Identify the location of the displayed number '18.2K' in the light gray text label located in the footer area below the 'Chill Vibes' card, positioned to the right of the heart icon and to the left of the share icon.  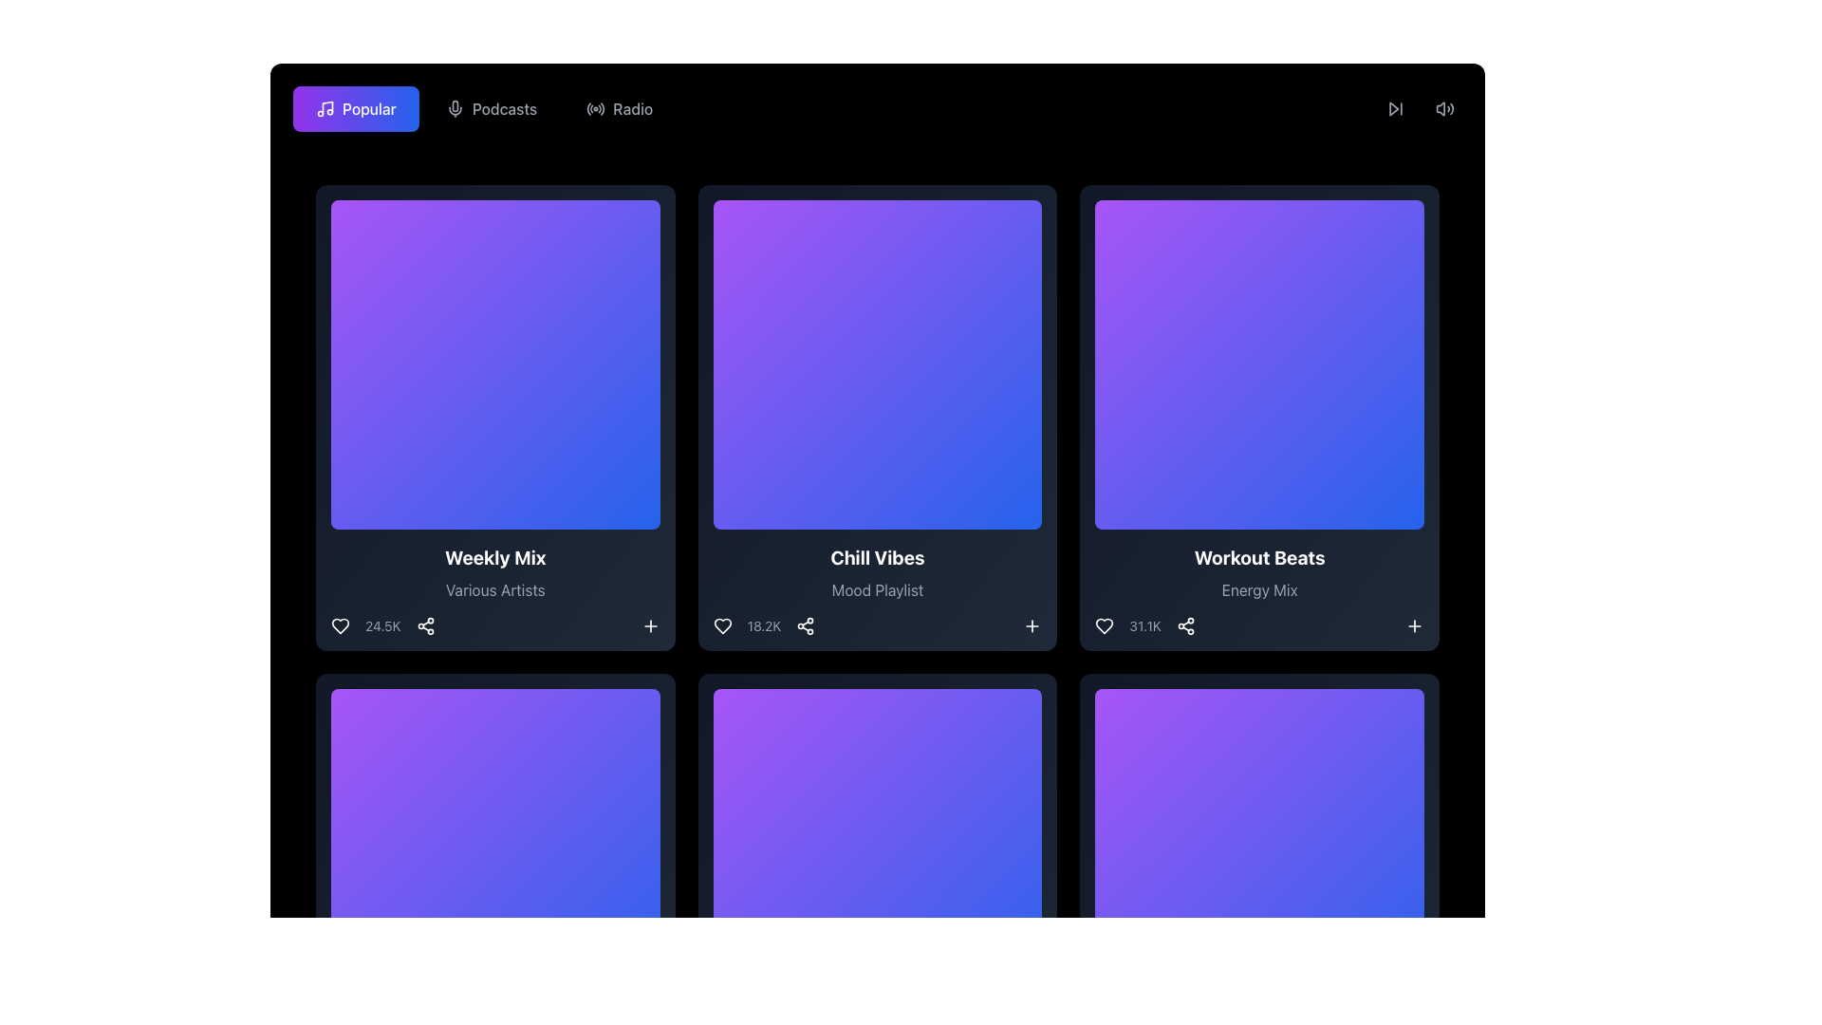
(764, 625).